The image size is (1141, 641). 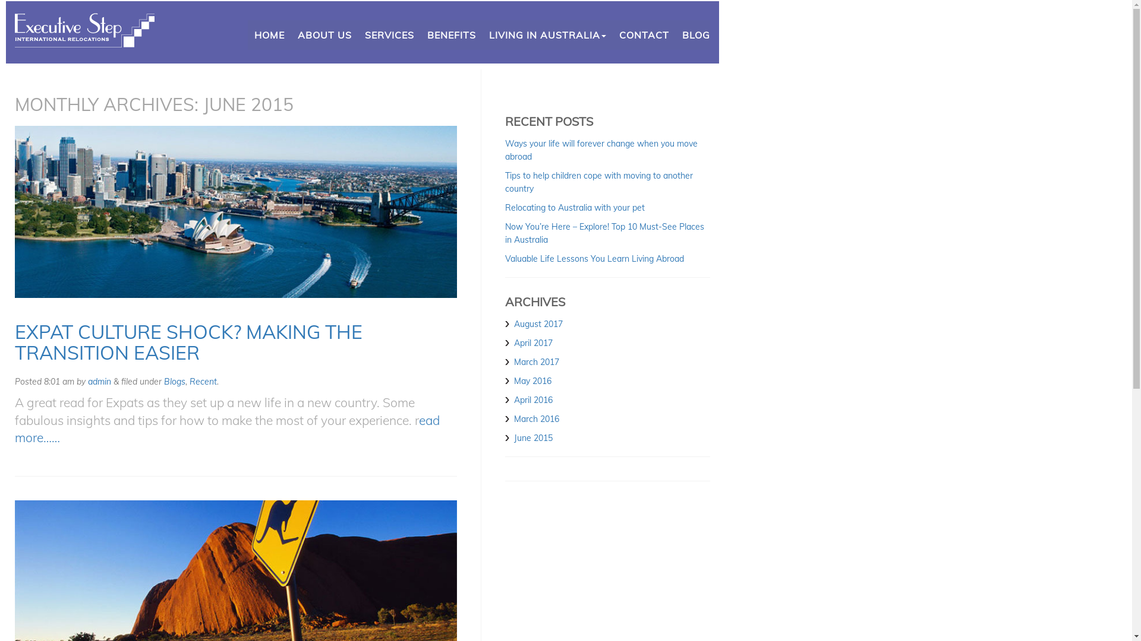 I want to click on 'LIVING IN AUSTRALIA', so click(x=547, y=34).